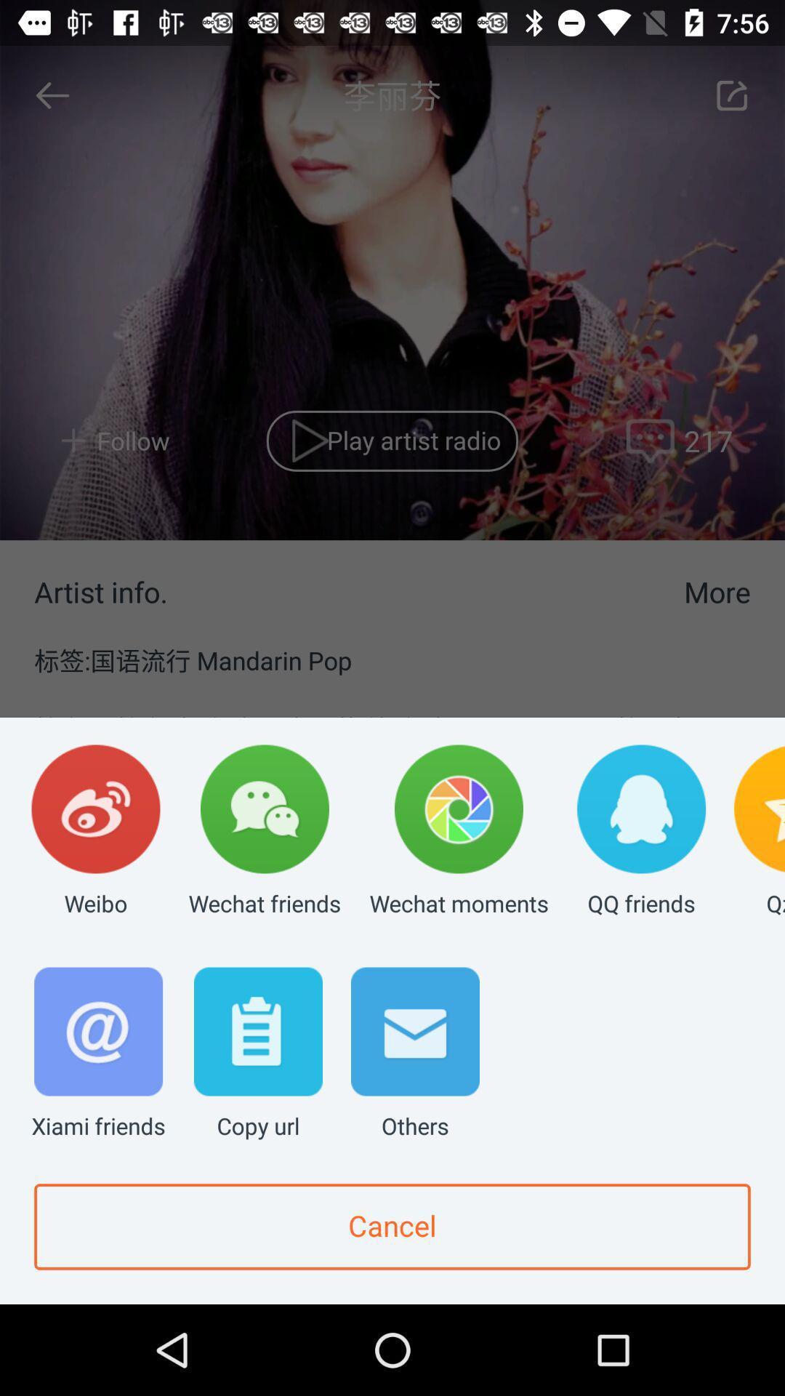  What do you see at coordinates (640, 832) in the screenshot?
I see `the icon next to qzone` at bounding box center [640, 832].